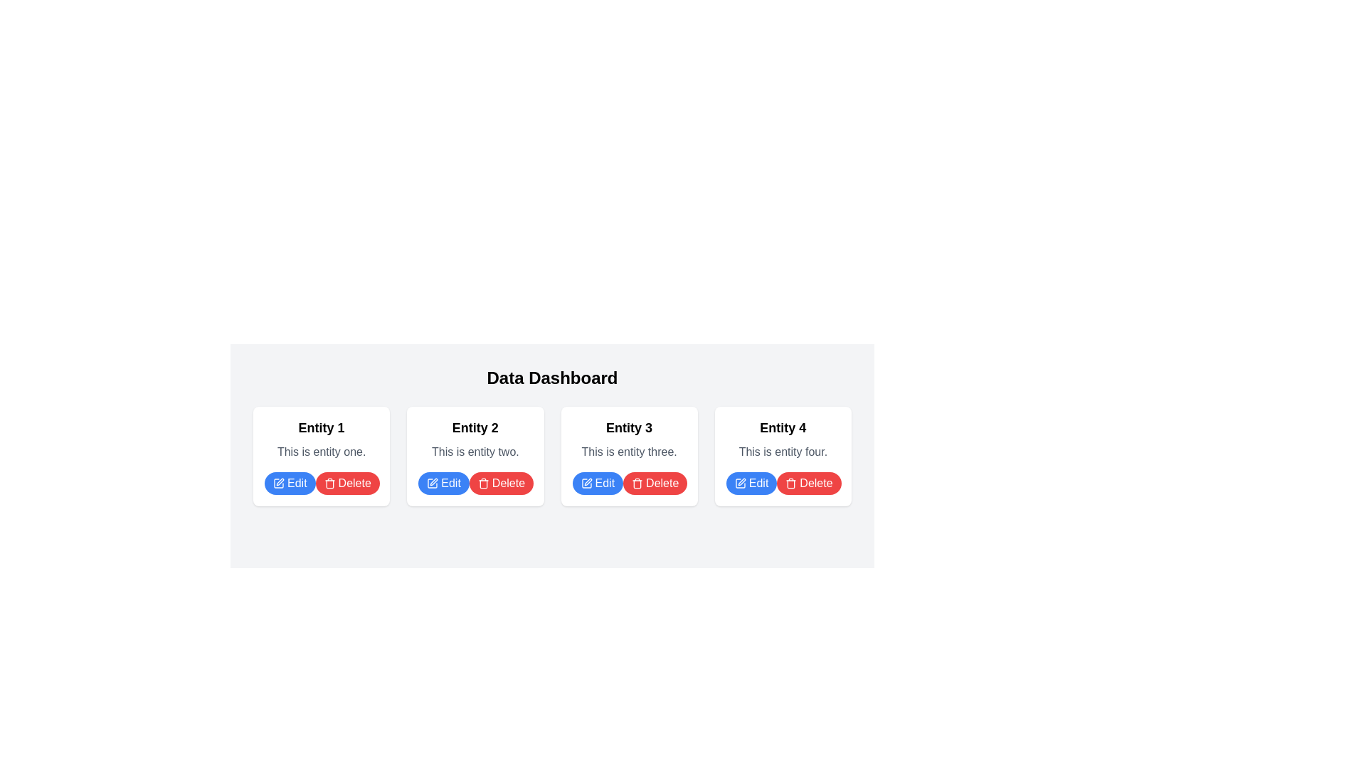  I want to click on the 'Delete' button in the Action button group located at the bottom of the 'Entity 1' card to initiate deletion of the item, so click(321, 482).